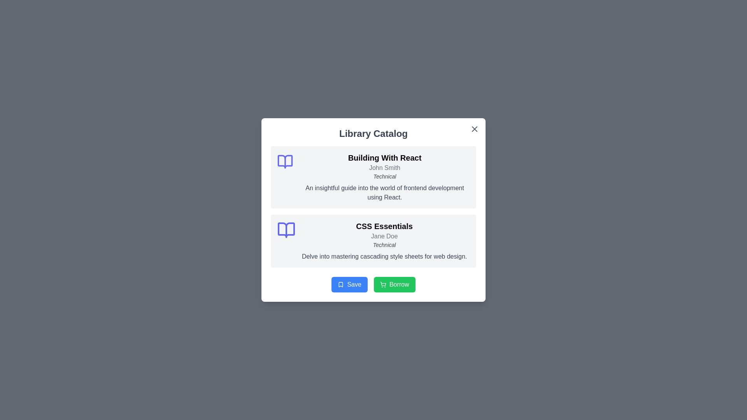 The height and width of the screenshot is (420, 747). What do you see at coordinates (474, 128) in the screenshot?
I see `the small square button with an 'X' icon at the top-right corner of the white panel` at bounding box center [474, 128].